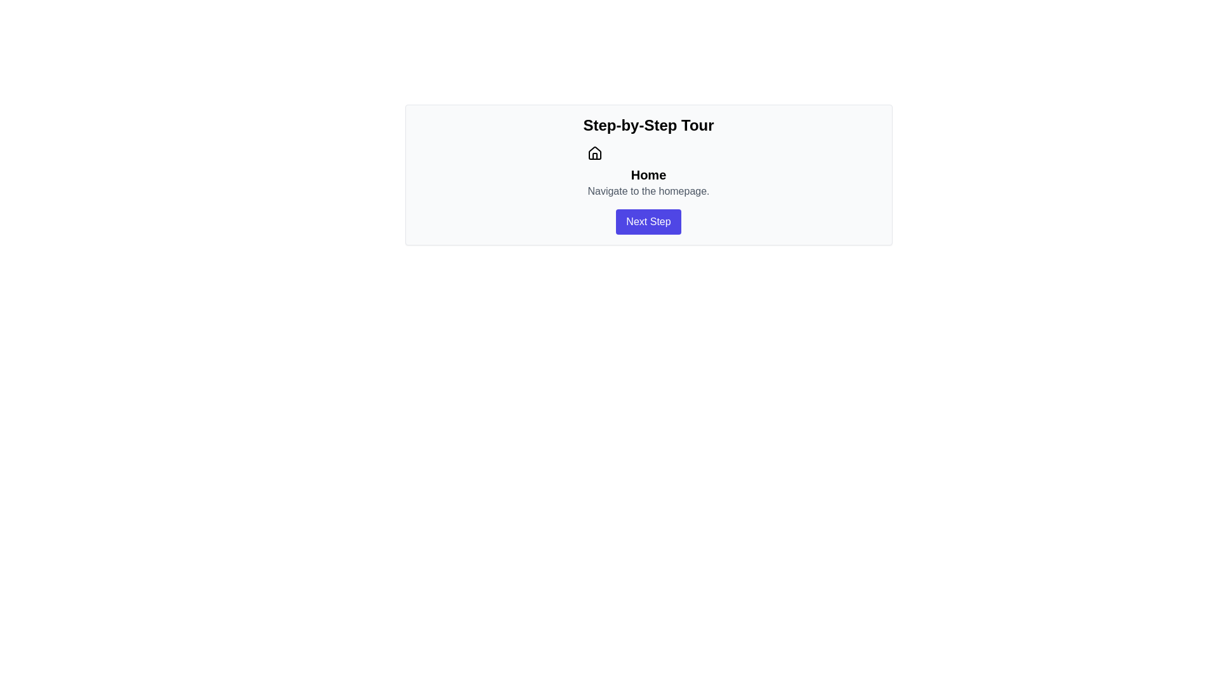  Describe the element at coordinates (648, 175) in the screenshot. I see `the 'Home' text label, which is bold and larger in font, located beneath the house icon and above the text 'Navigate to the homepage.'` at that location.